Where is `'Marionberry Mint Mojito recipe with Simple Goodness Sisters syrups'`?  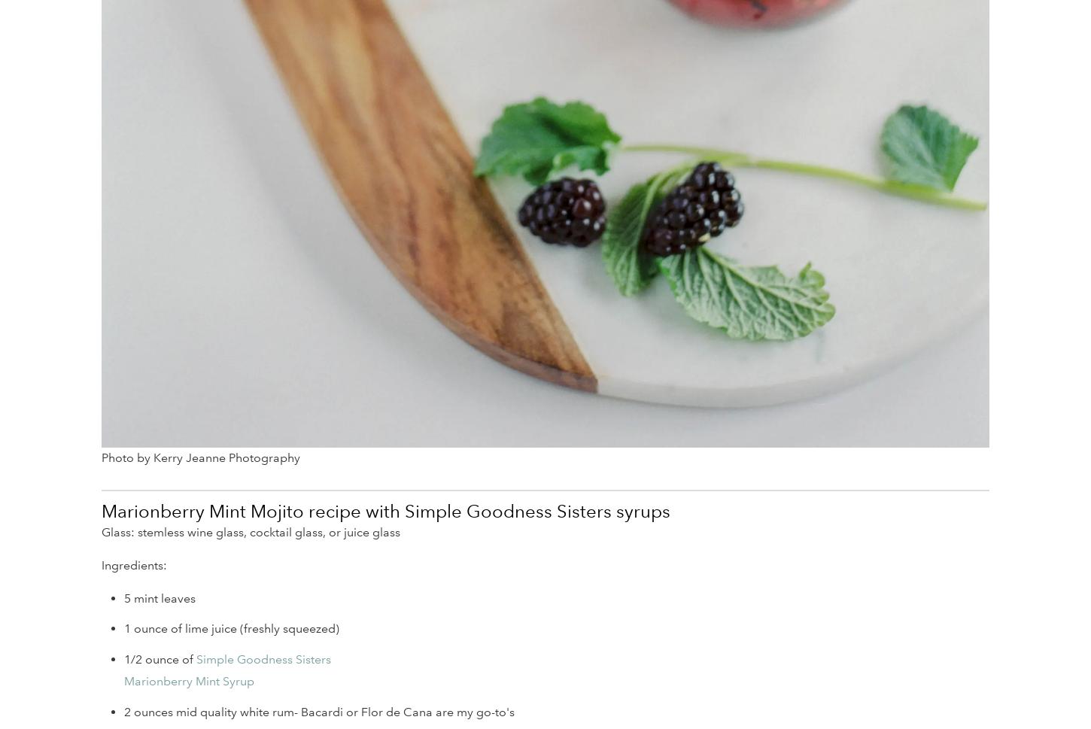 'Marionberry Mint Mojito recipe with Simple Goodness Sisters syrups' is located at coordinates (100, 510).